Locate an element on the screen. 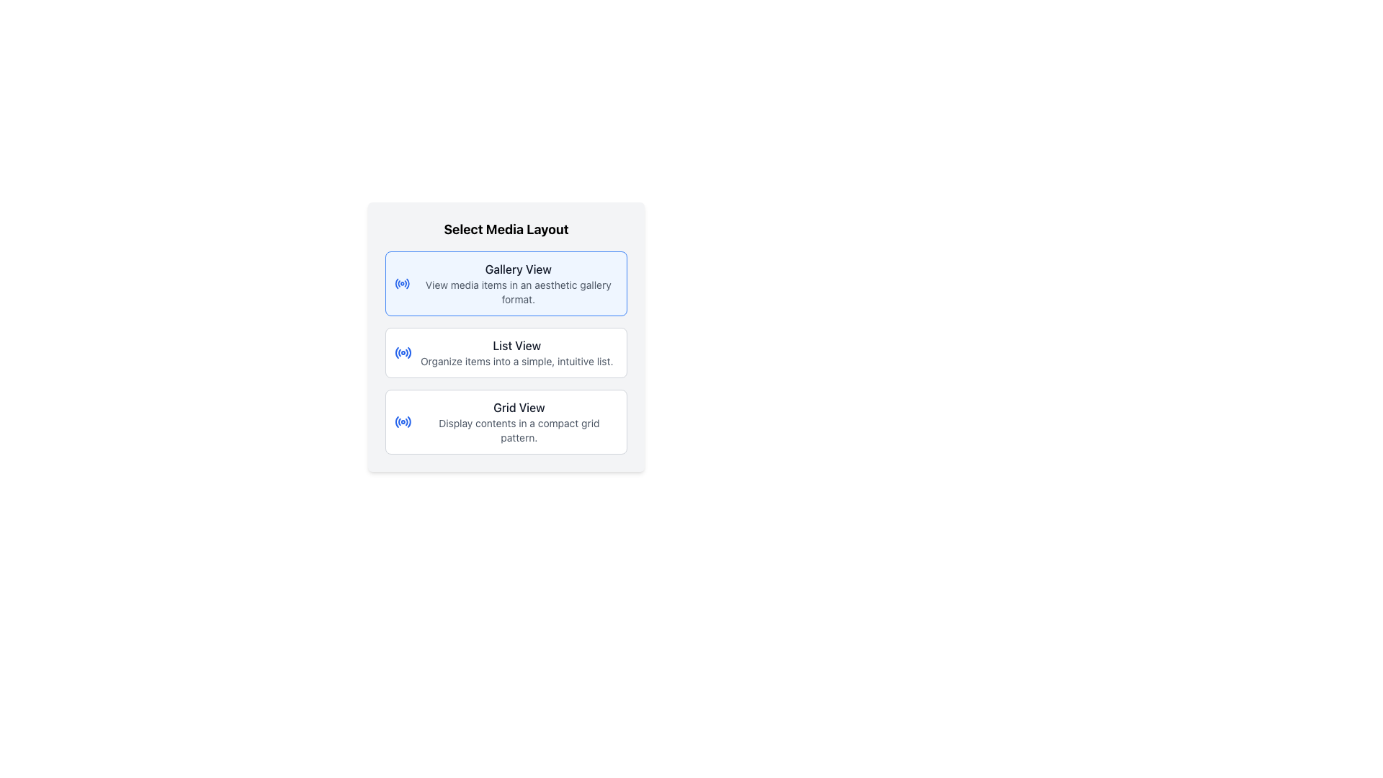 This screenshot has width=1383, height=778. text content of the text label that reads 'List View', which is styled with a medium-sized gray font and is centrally positioned below 'Gallery View' and above 'Grid View' is located at coordinates (516, 345).